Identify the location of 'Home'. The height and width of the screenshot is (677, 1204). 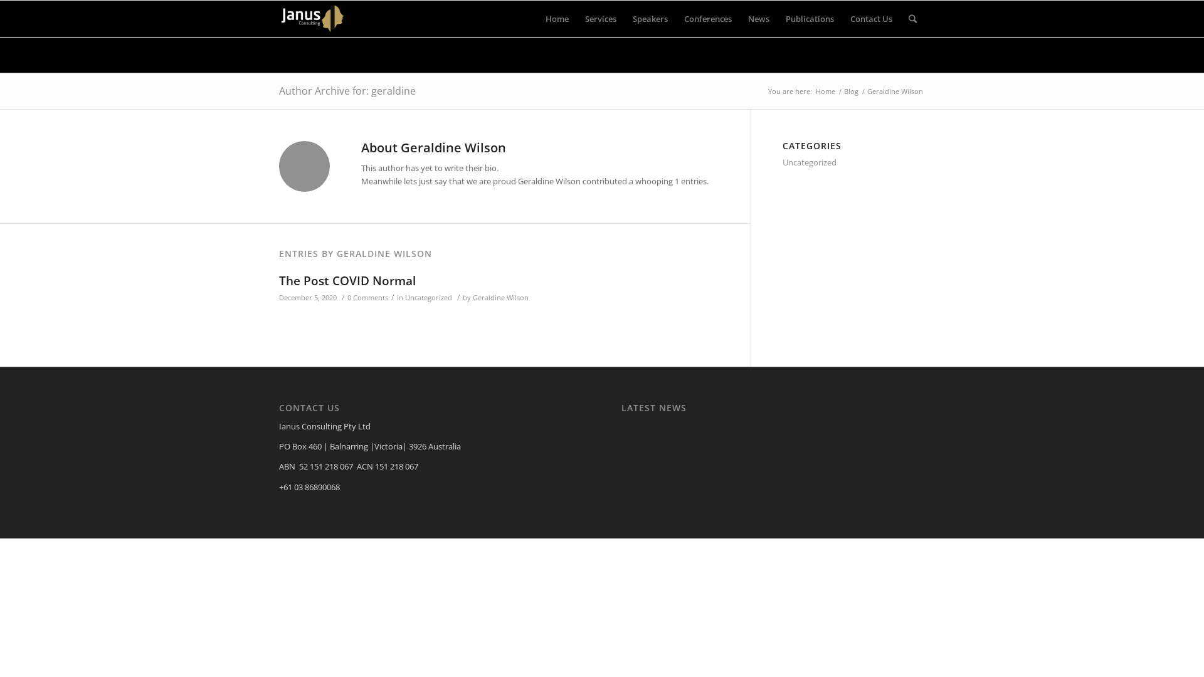
(813, 90).